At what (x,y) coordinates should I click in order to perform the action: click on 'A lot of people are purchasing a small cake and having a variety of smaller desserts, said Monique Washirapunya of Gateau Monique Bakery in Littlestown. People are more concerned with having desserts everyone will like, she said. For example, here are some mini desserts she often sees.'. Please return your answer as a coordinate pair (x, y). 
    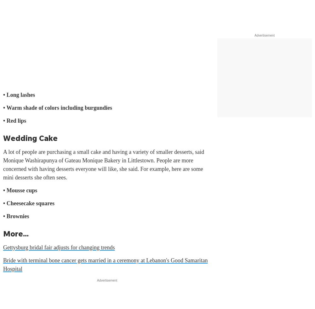
    Looking at the image, I should click on (3, 165).